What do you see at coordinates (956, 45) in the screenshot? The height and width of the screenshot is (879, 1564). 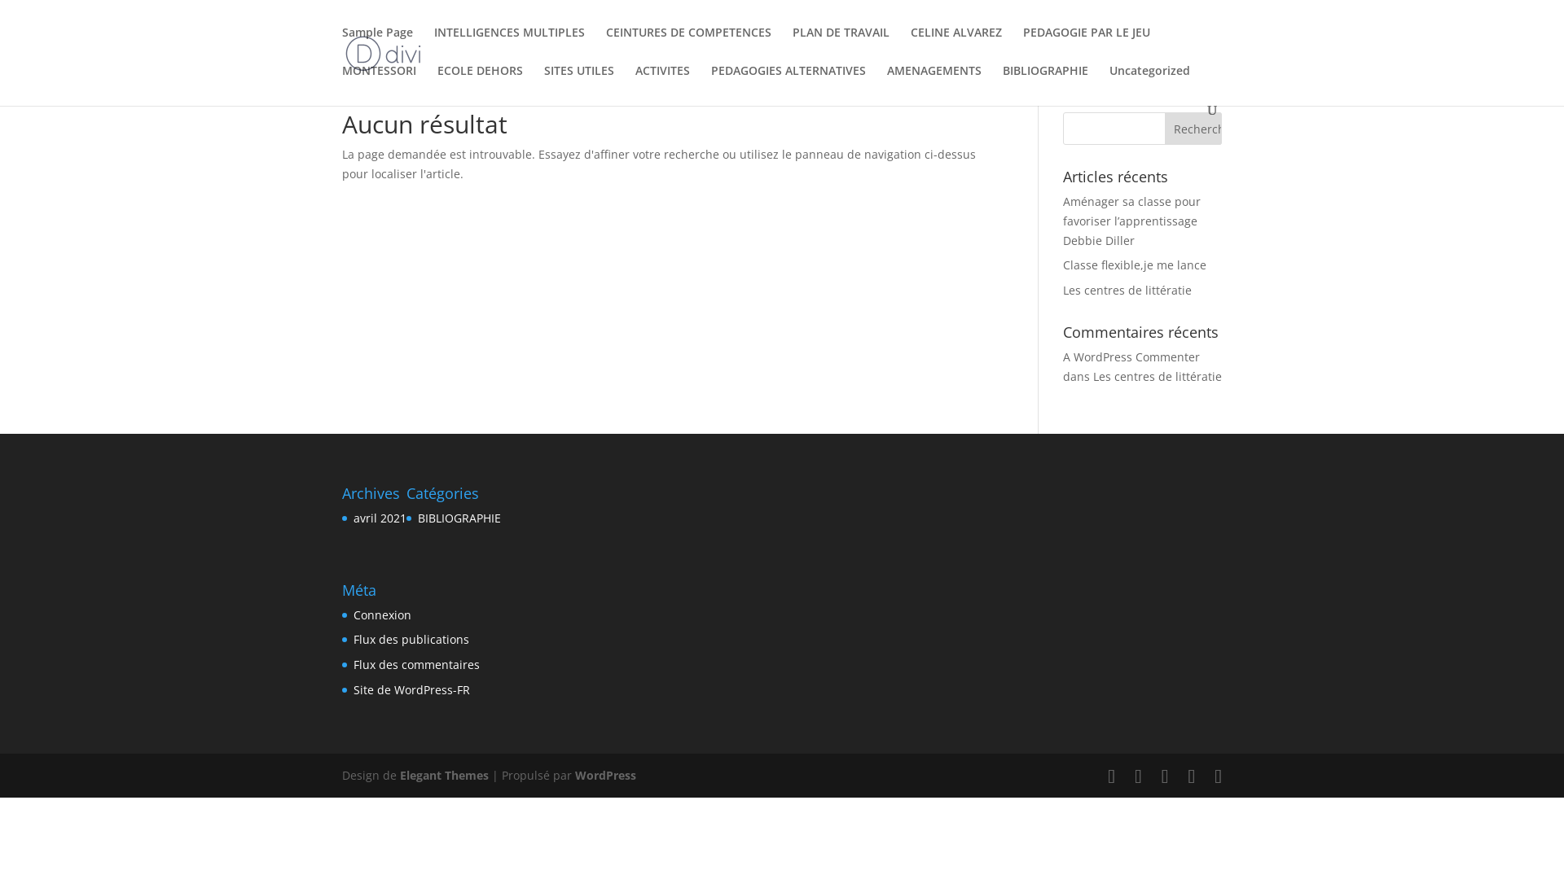 I see `'CELINE ALVAREZ'` at bounding box center [956, 45].